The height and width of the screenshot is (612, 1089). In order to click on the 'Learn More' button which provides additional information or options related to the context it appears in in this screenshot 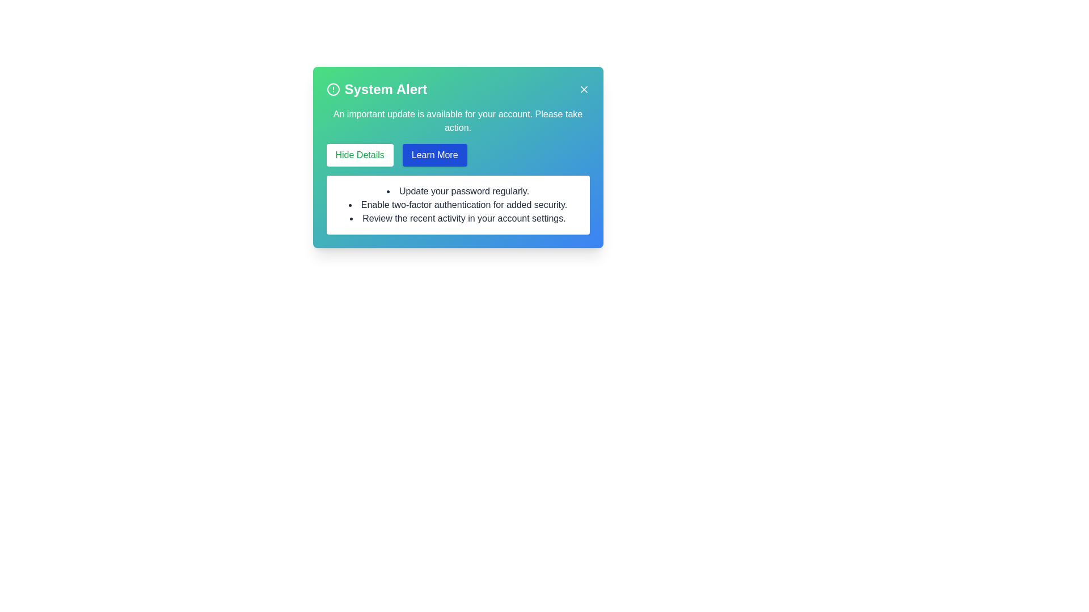, I will do `click(434, 155)`.